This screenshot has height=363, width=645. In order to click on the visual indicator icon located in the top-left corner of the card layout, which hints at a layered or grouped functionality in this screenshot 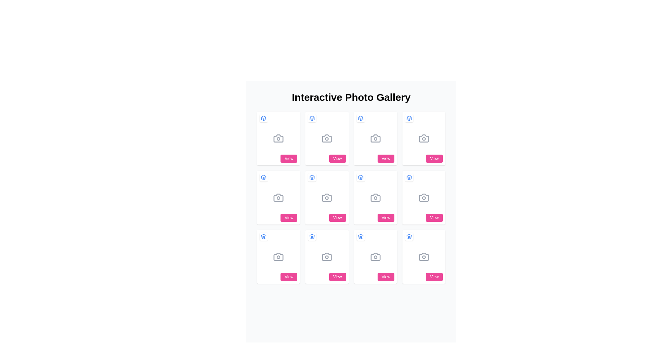, I will do `click(360, 177)`.